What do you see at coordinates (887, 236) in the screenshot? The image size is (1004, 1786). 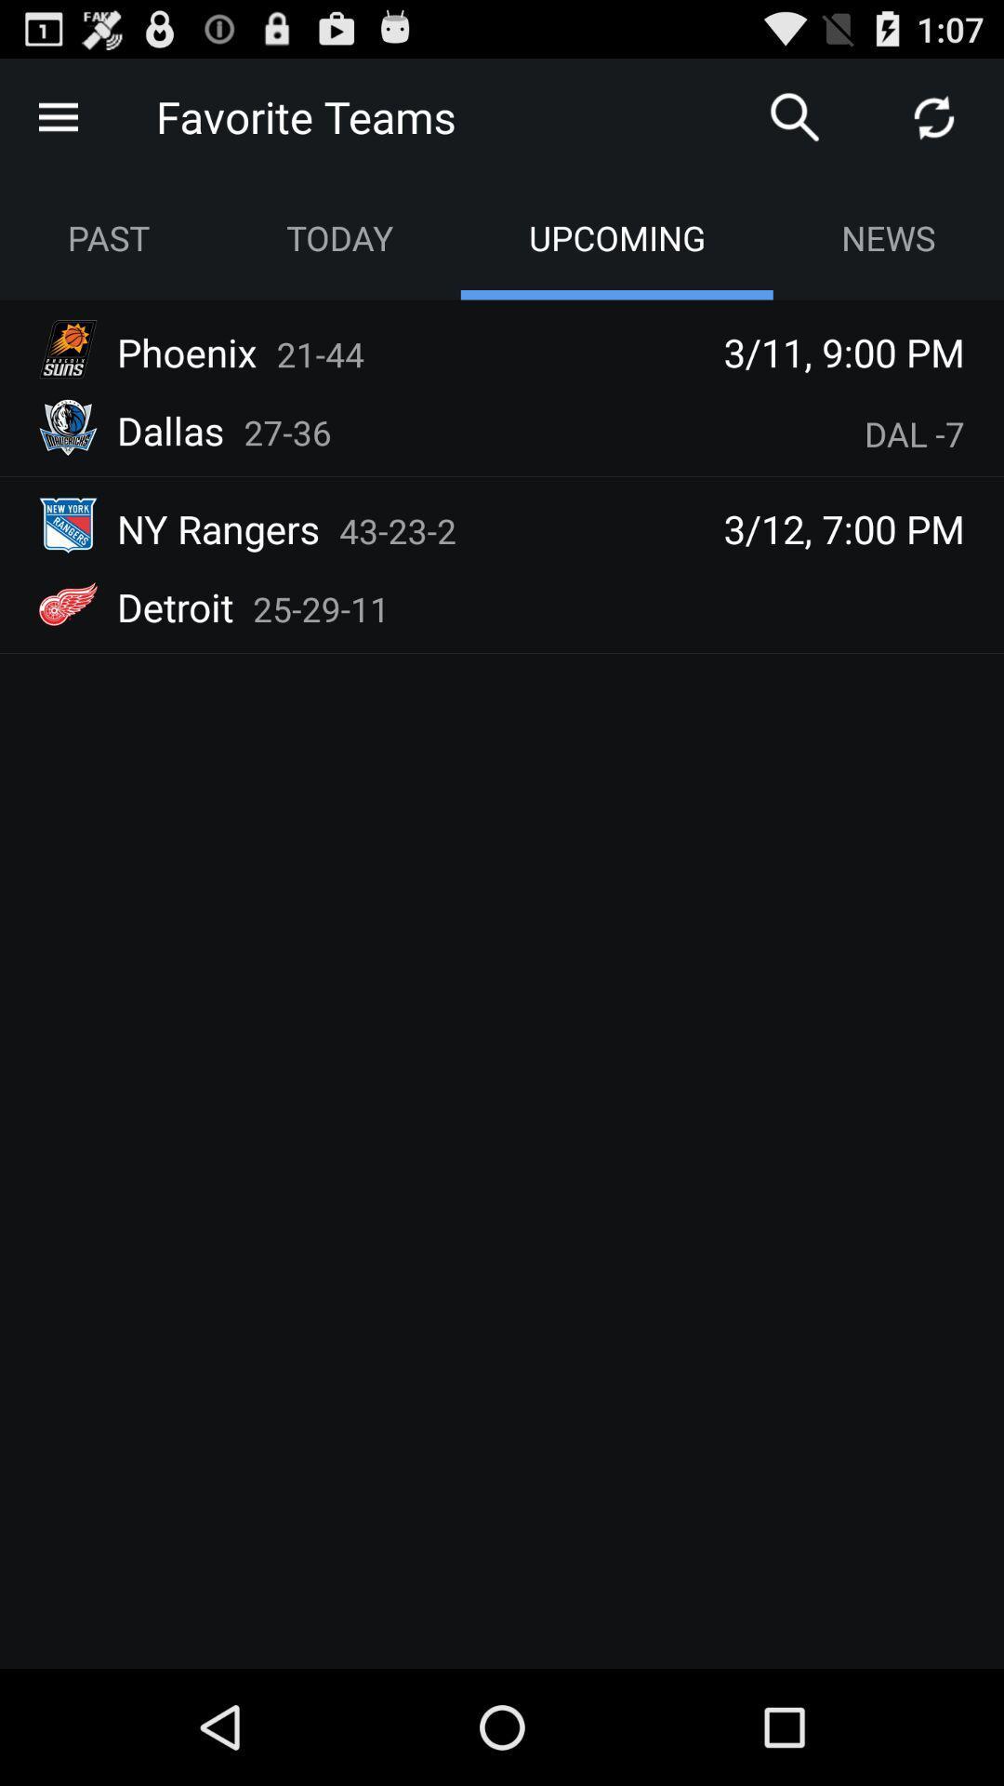 I see `news` at bounding box center [887, 236].